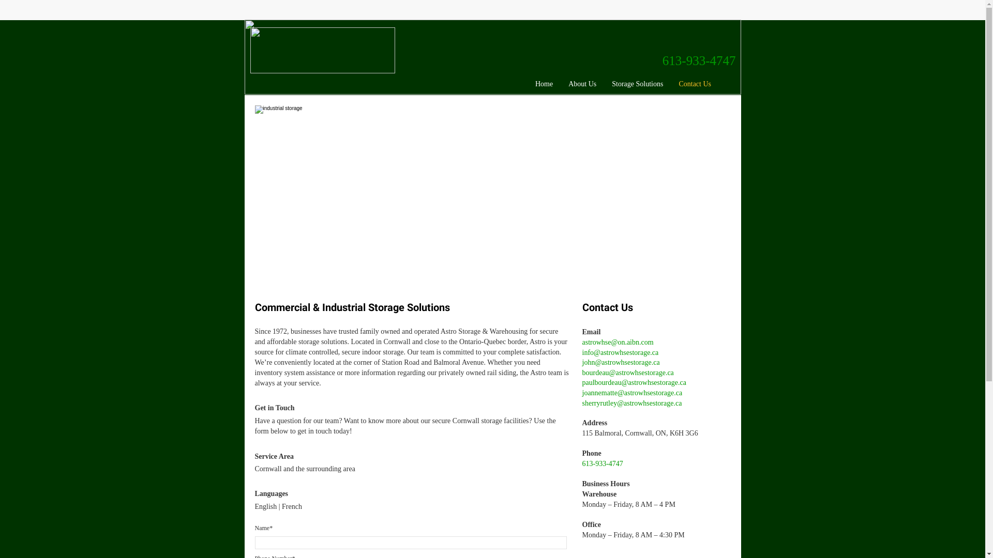 The image size is (993, 558). I want to click on 'About Us', so click(563, 83).